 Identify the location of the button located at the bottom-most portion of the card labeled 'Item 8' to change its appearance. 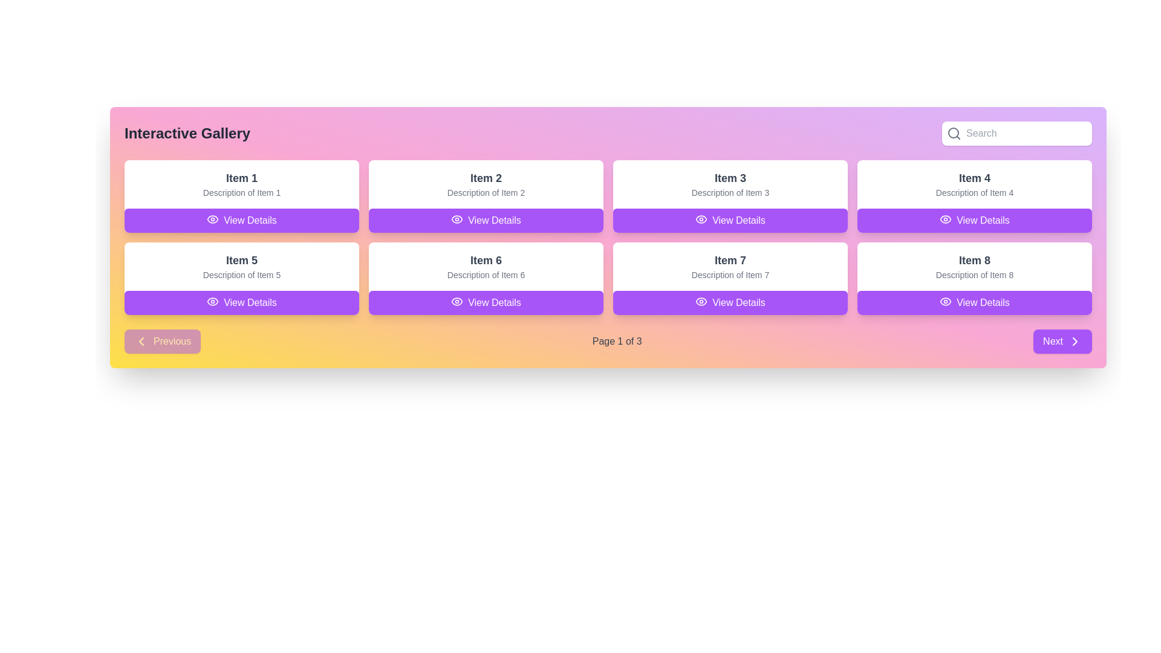
(975, 302).